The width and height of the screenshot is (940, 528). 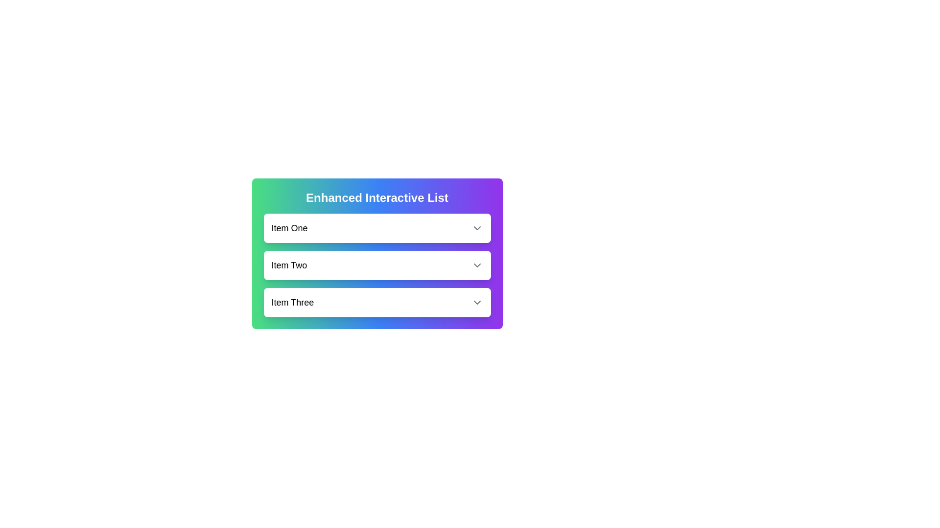 What do you see at coordinates (376, 253) in the screenshot?
I see `the items in the Enhanced Interactive List component` at bounding box center [376, 253].